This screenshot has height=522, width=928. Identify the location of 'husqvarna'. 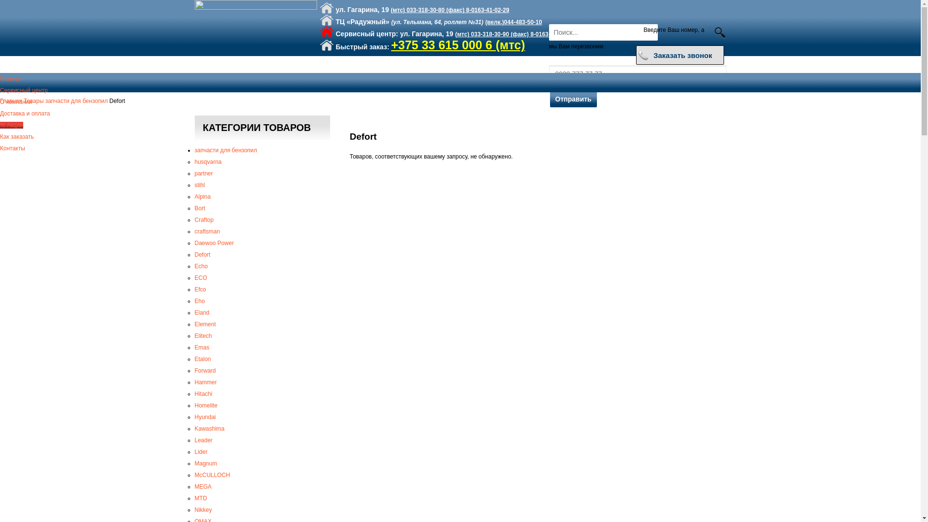
(207, 161).